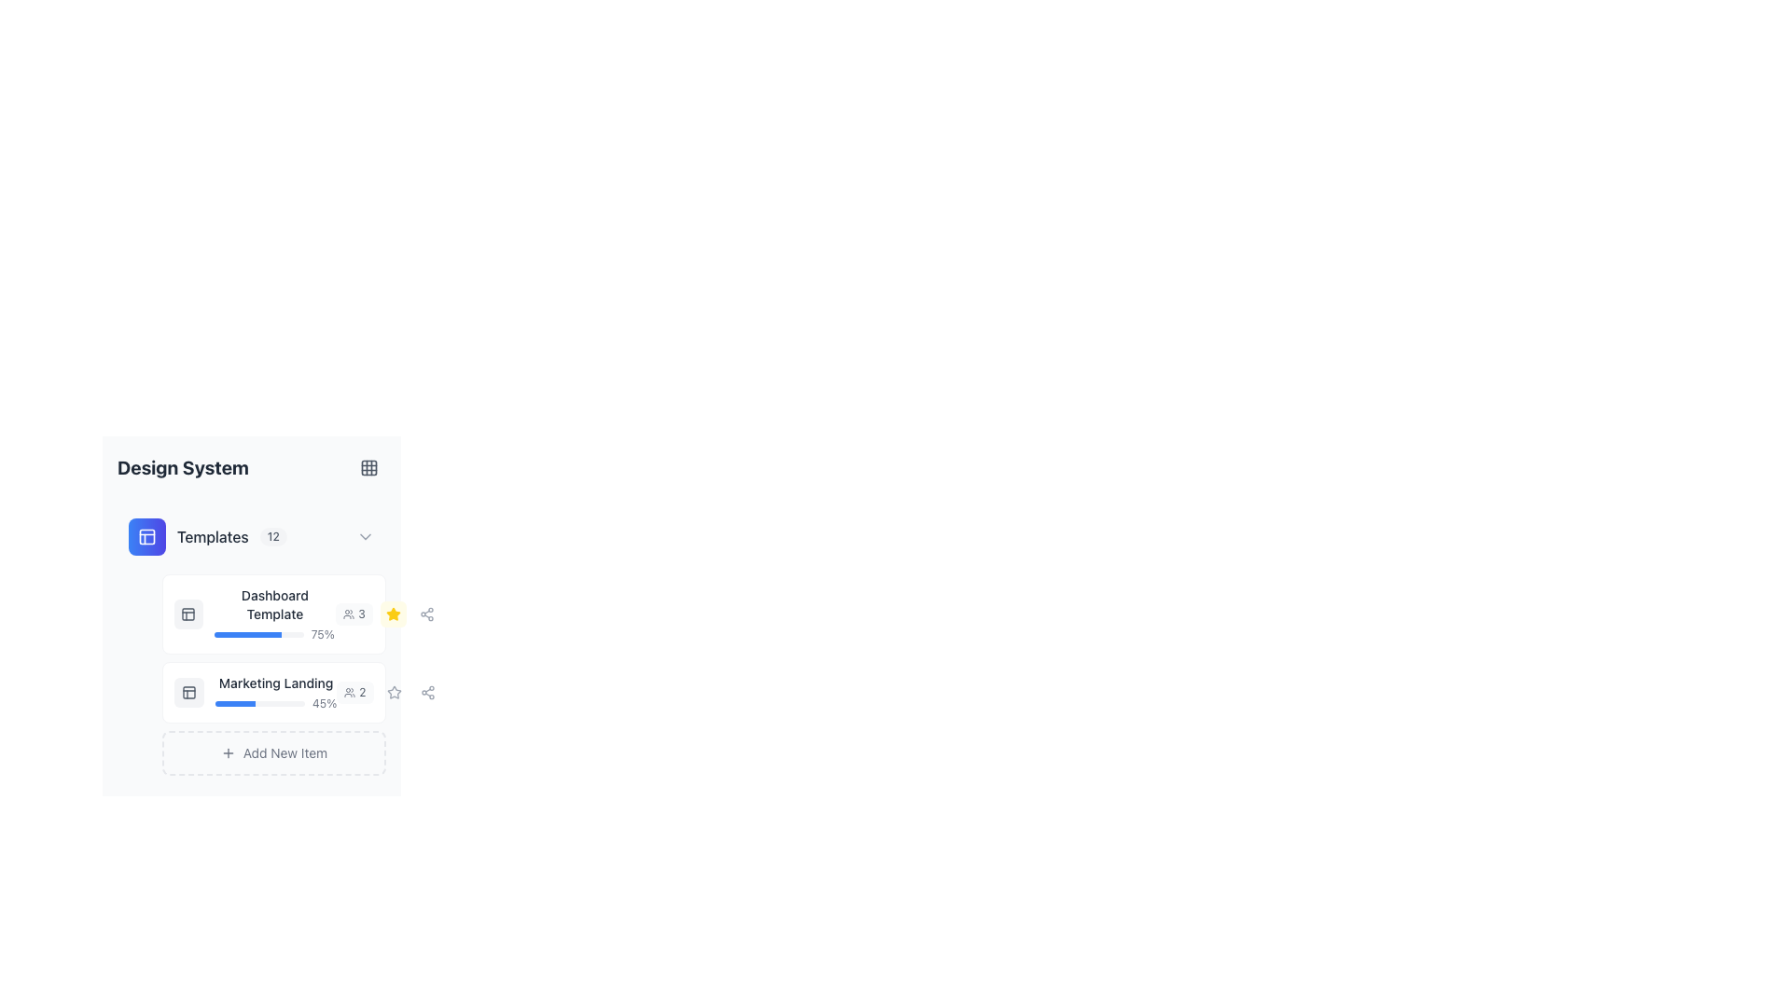 This screenshot has height=1007, width=1791. What do you see at coordinates (272, 536) in the screenshot?
I see `the count displayed on the small, rounded badge with the text '12', which has a light grayish background and darker gray text, positioned to the right of the 'Templates' label` at bounding box center [272, 536].